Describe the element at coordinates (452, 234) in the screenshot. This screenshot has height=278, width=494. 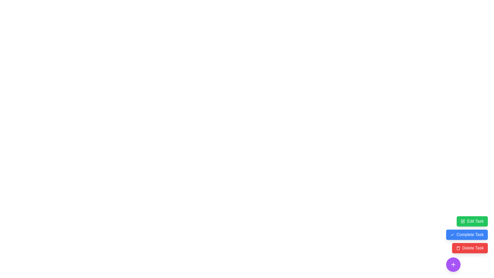
I see `the decorative icon within the 'Complete Task' button` at that location.